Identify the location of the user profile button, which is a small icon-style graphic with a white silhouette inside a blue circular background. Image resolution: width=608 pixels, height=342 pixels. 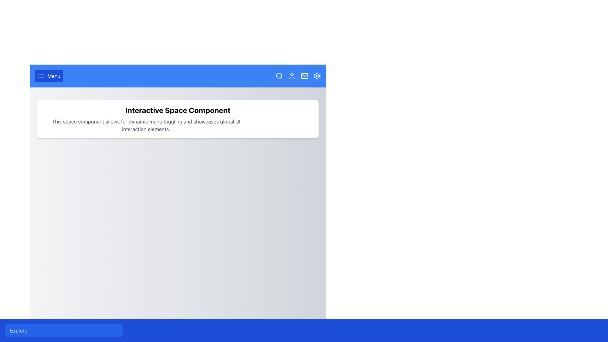
(291, 75).